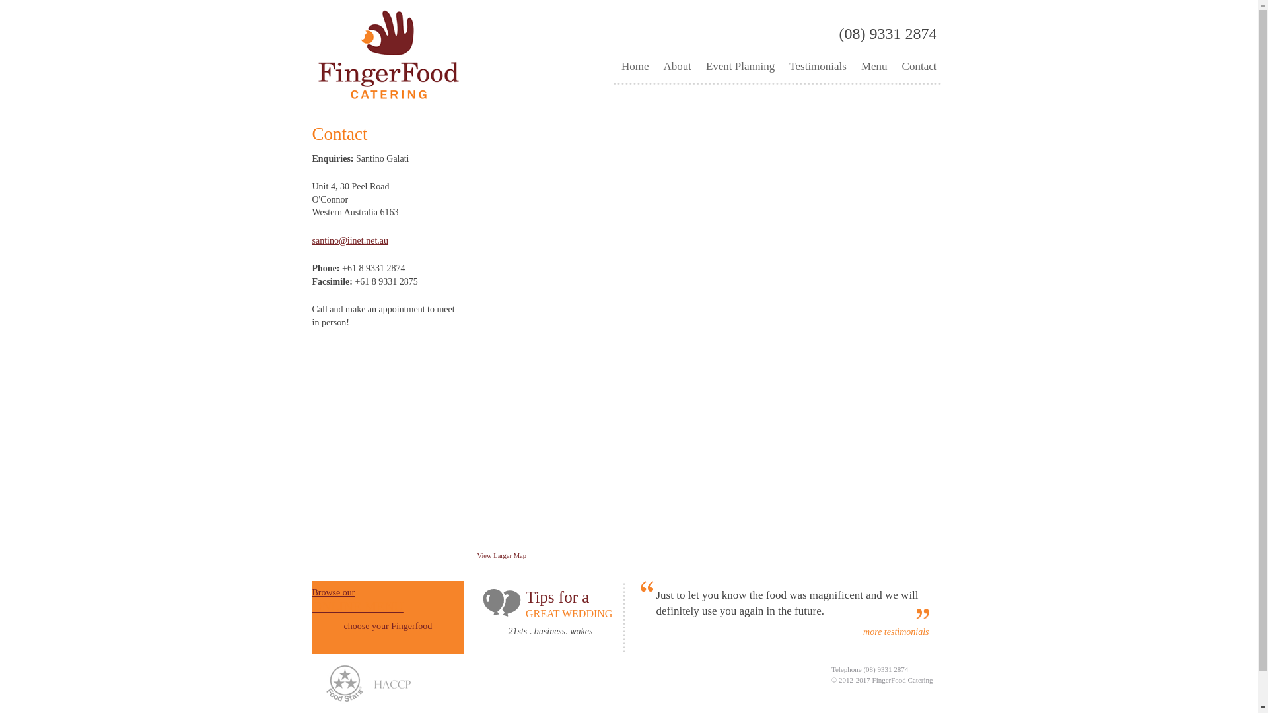 The width and height of the screenshot is (1268, 713). What do you see at coordinates (388, 625) in the screenshot?
I see `'choose your Fingerfood'` at bounding box center [388, 625].